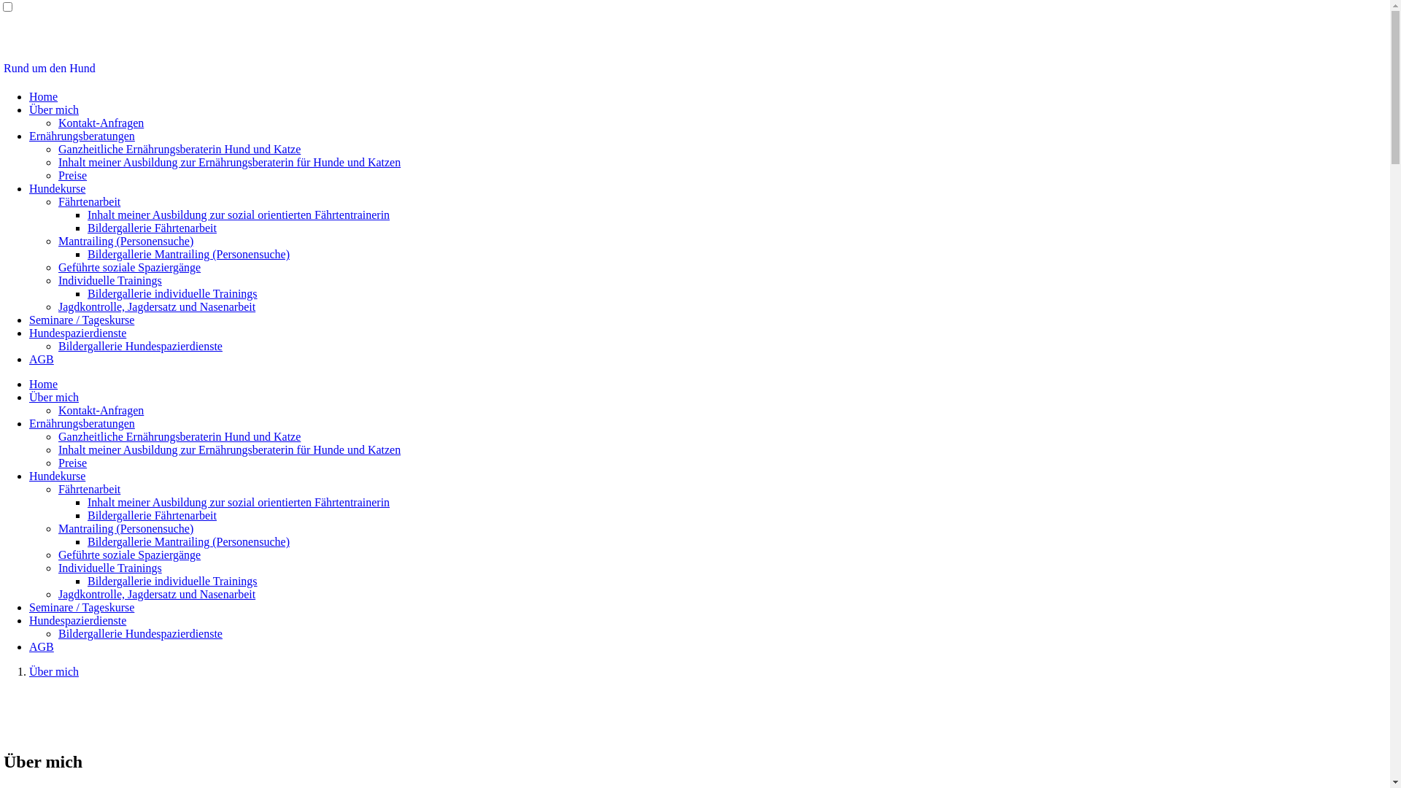 This screenshot has width=1401, height=788. I want to click on 'Seminare / Tageskurse', so click(28, 319).